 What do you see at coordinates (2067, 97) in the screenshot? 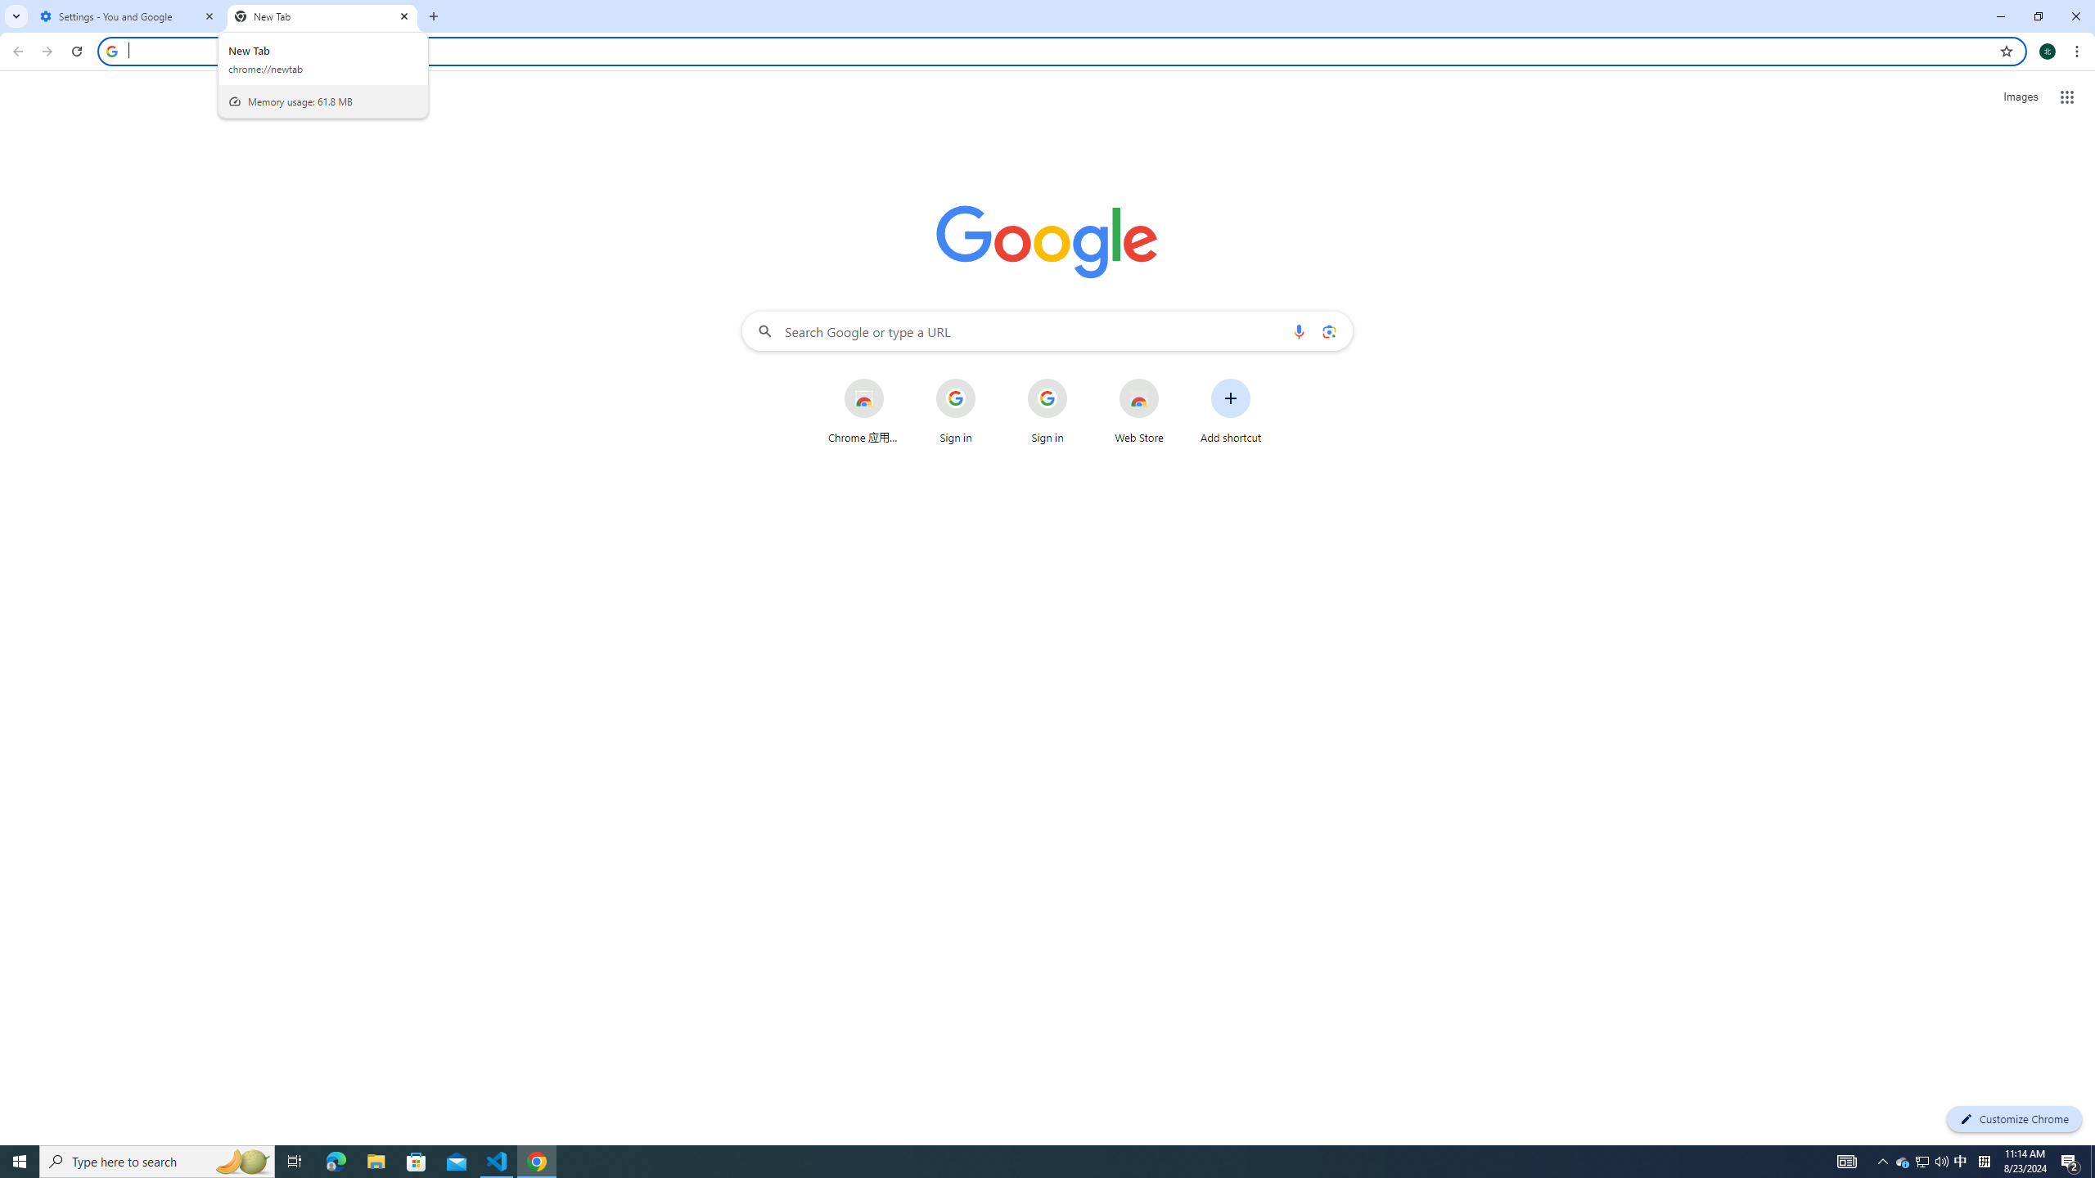
I see `'Google apps'` at bounding box center [2067, 97].